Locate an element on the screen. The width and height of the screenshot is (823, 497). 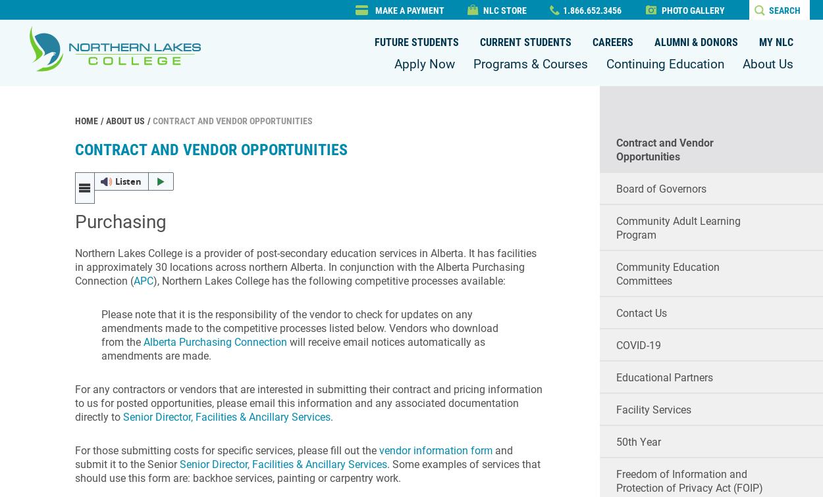
'Search' is located at coordinates (769, 10).